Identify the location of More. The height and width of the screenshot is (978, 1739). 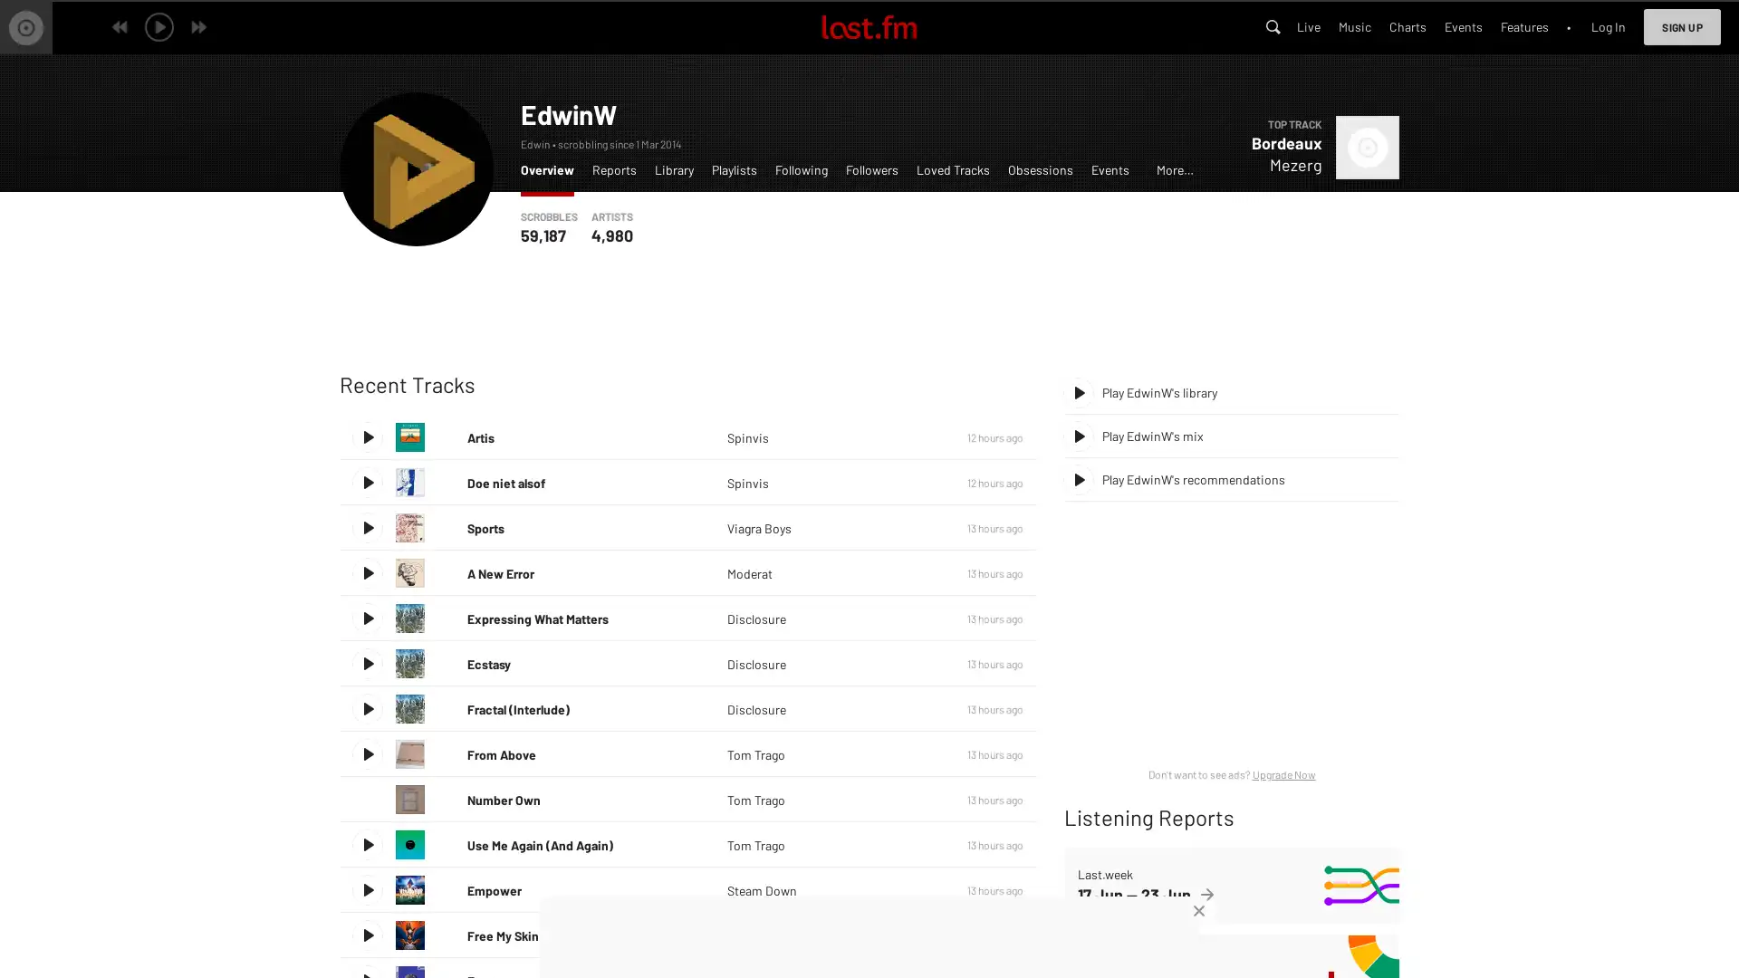
(913, 935).